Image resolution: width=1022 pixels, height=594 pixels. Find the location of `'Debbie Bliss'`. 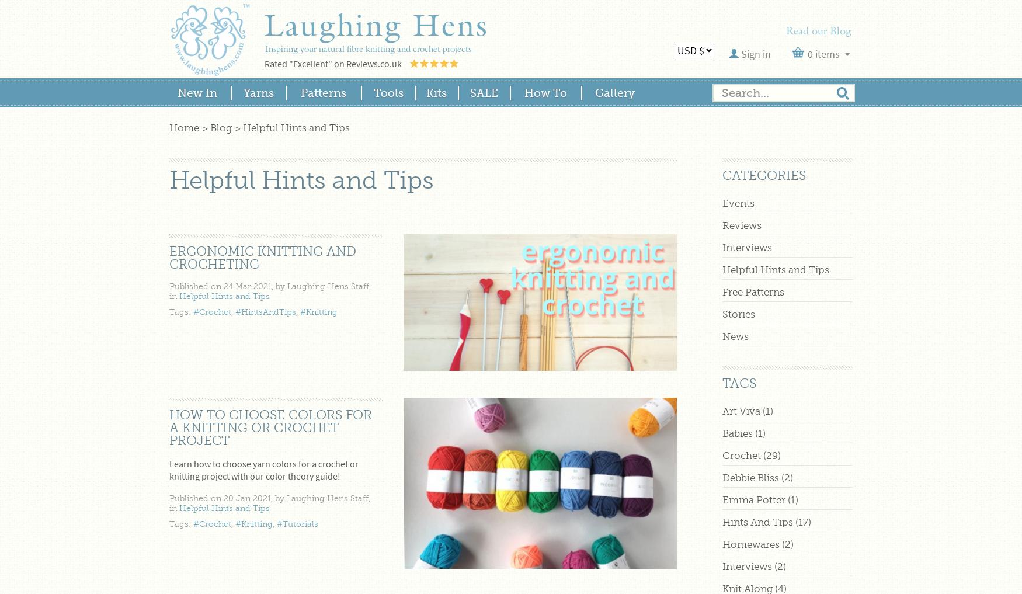

'Debbie Bliss' is located at coordinates (750, 477).